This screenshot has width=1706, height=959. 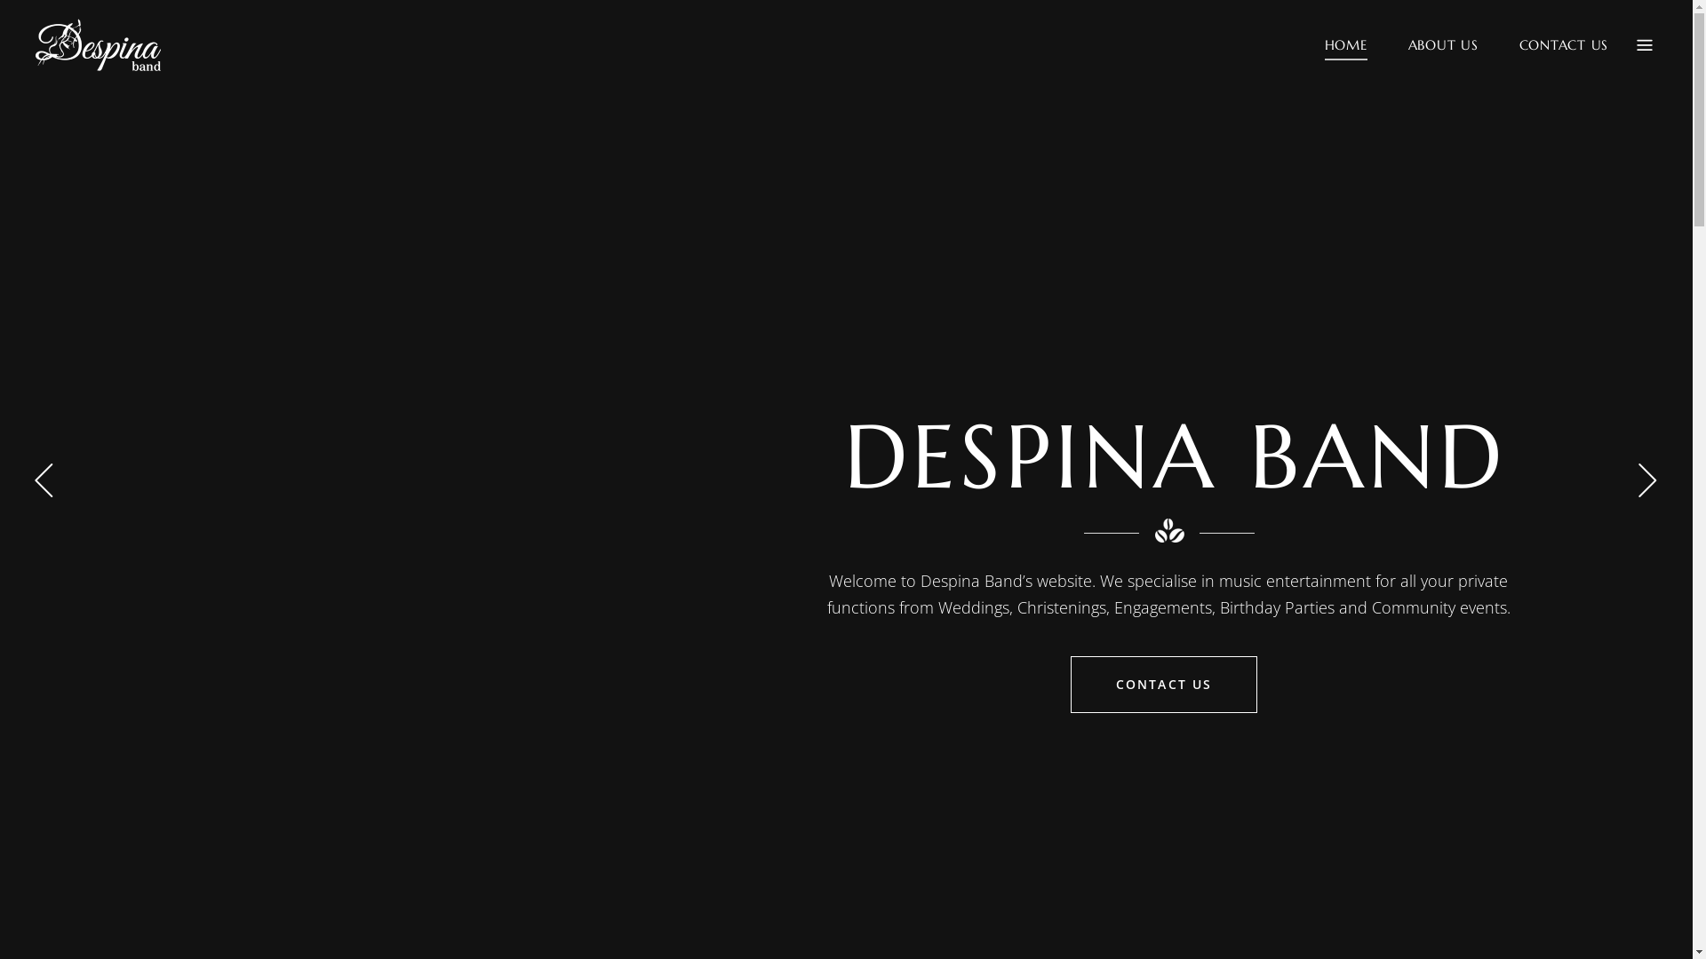 What do you see at coordinates (1346, 44) in the screenshot?
I see `'HOME'` at bounding box center [1346, 44].